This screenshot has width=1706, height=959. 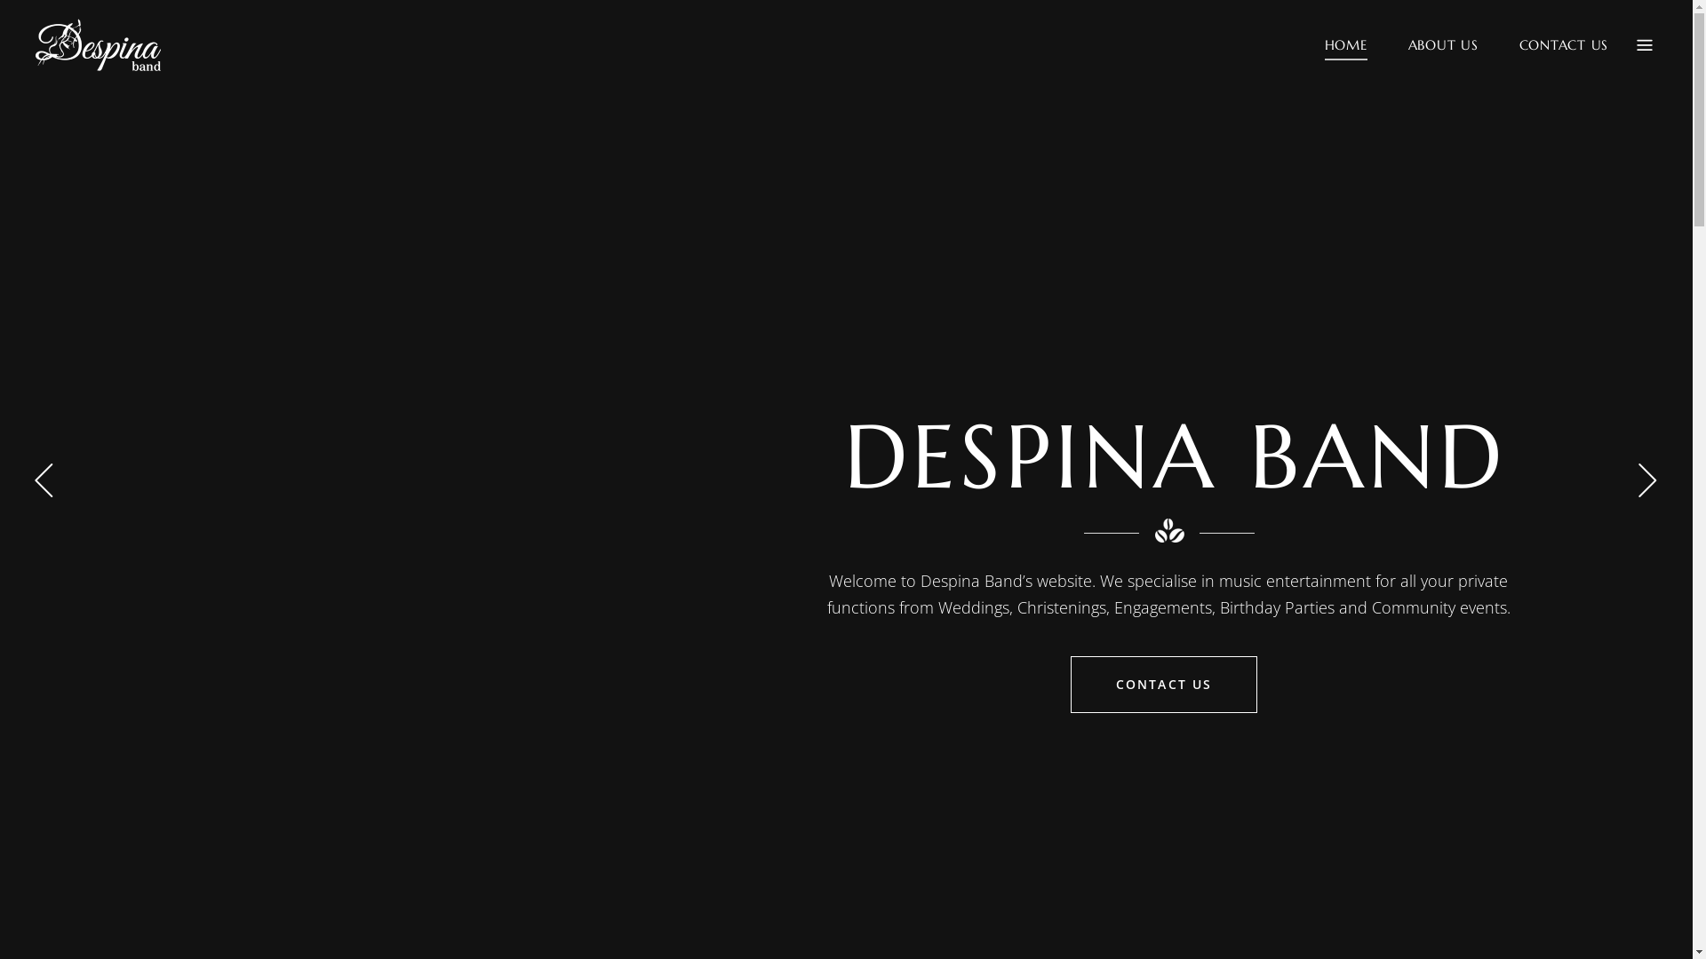 What do you see at coordinates (1346, 44) in the screenshot?
I see `'HOME'` at bounding box center [1346, 44].